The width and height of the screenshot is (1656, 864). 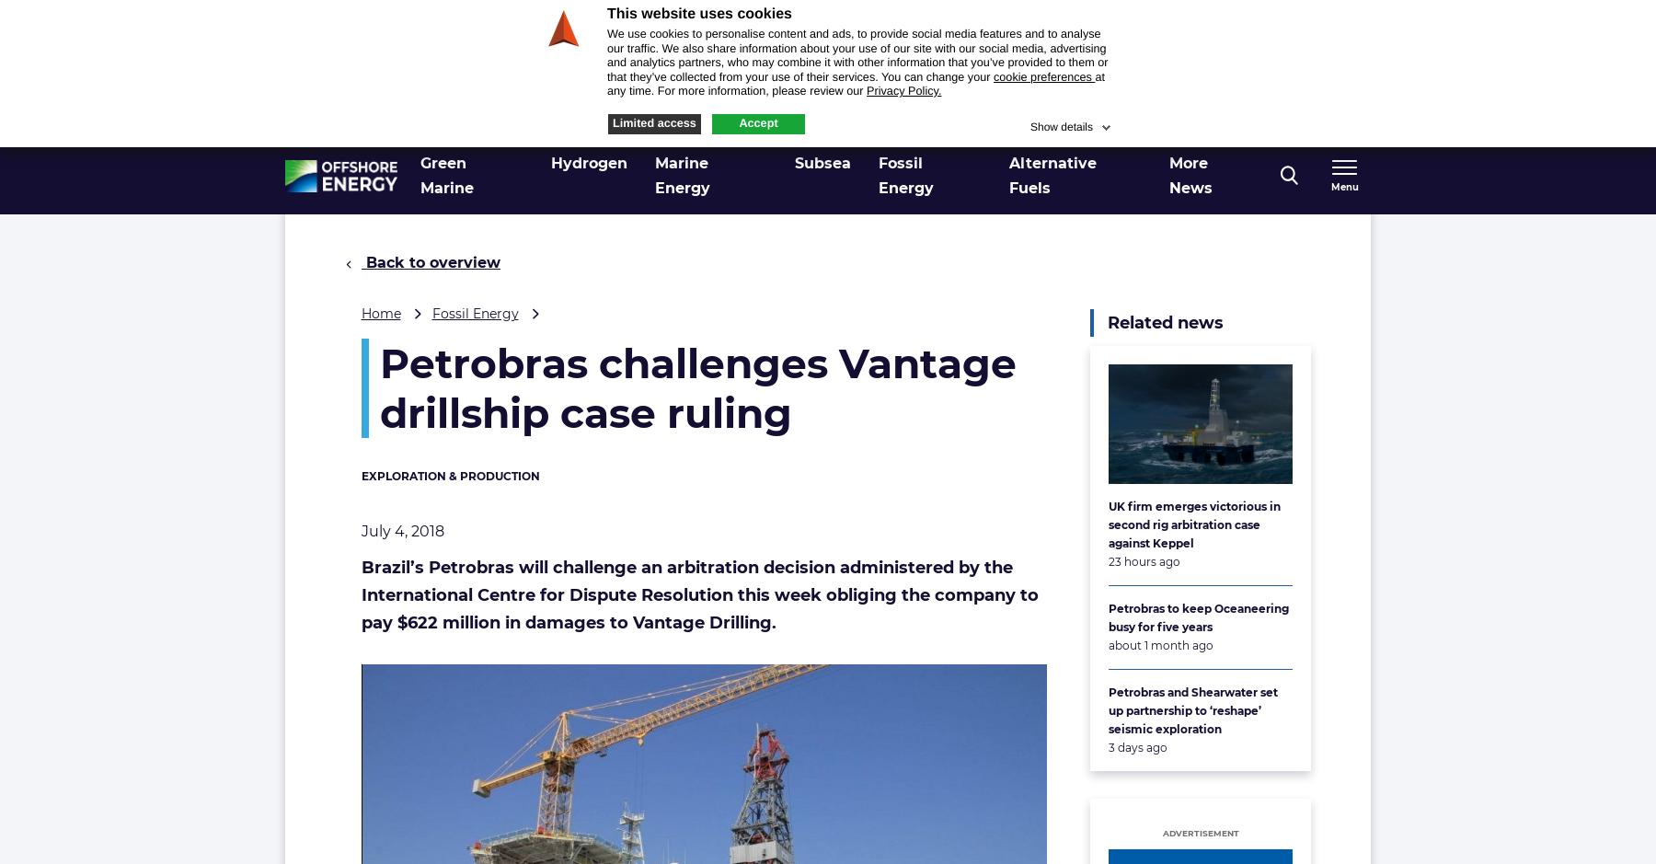 I want to click on 'This website uses cookies', so click(x=697, y=14).